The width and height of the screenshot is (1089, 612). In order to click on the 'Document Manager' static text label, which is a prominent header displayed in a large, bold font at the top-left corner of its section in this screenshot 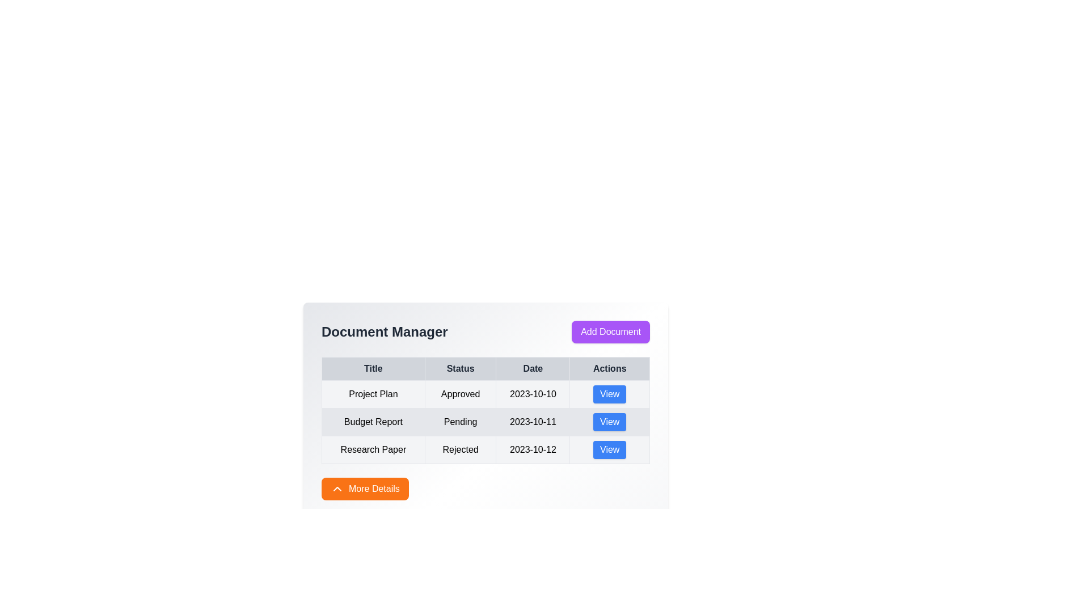, I will do `click(385, 331)`.